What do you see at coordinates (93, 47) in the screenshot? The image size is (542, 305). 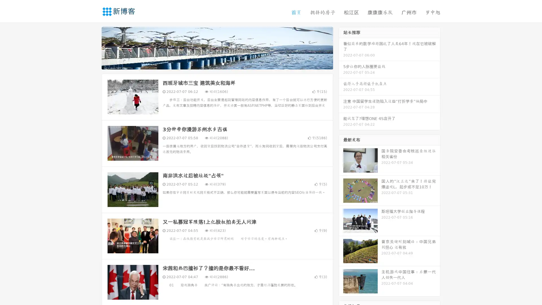 I see `Previous slide` at bounding box center [93, 47].